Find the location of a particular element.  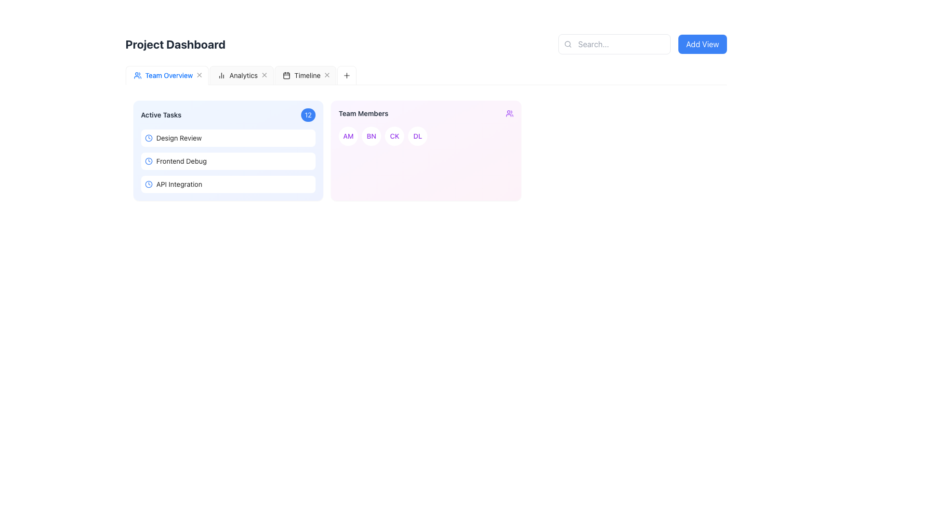

text label displaying 'API Integration' located in the 'Active Tasks' section, positioned next to a blue clock icon is located at coordinates (179, 184).